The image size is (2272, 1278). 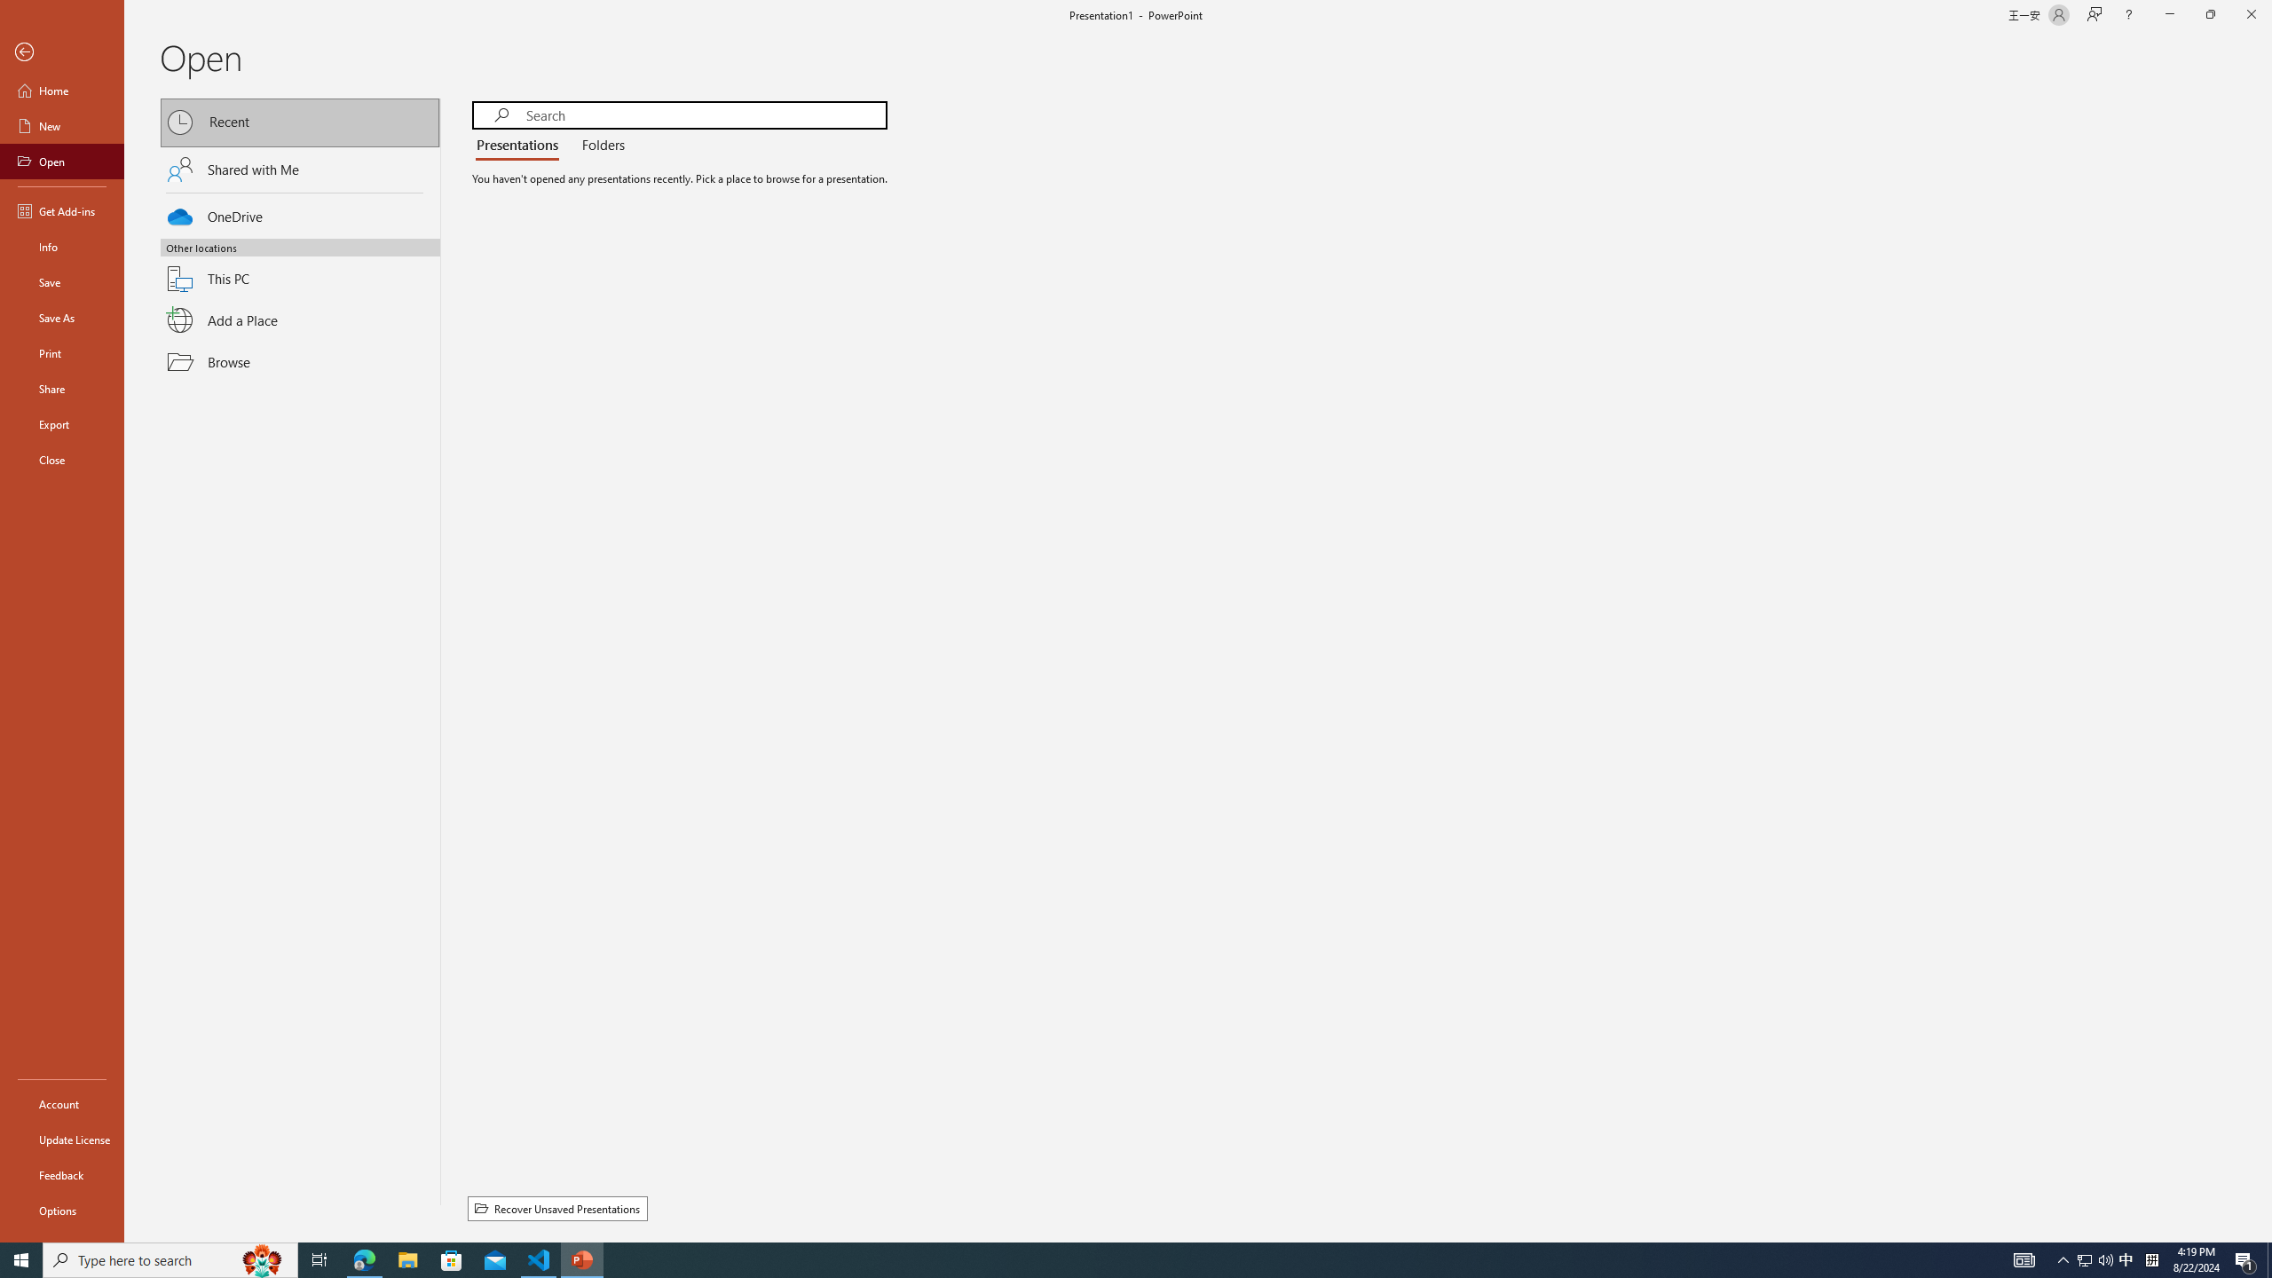 I want to click on 'Folders', so click(x=598, y=146).